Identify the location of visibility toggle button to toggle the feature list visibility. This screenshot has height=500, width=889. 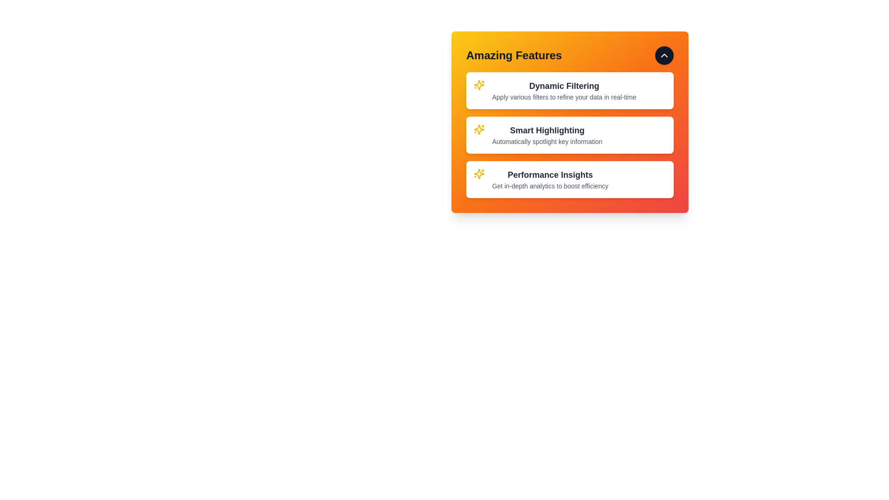
(664, 55).